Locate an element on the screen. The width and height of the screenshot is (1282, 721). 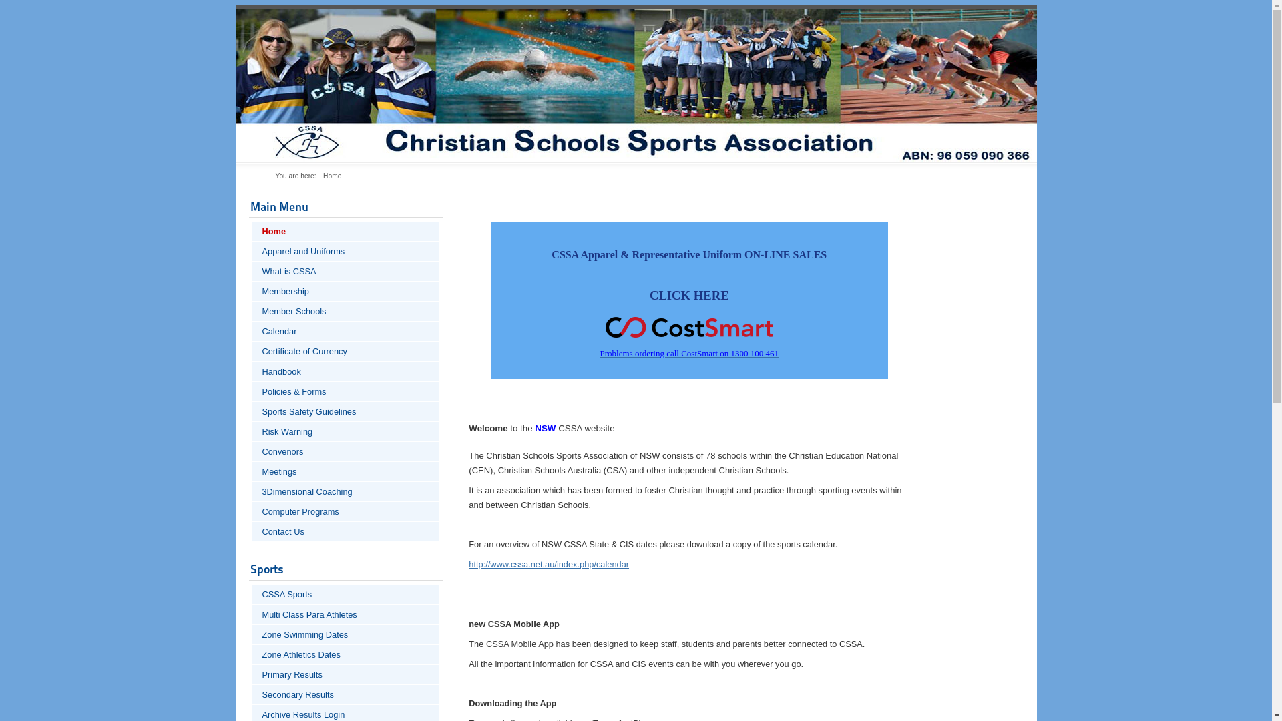
'What is CSSA' is located at coordinates (252, 270).